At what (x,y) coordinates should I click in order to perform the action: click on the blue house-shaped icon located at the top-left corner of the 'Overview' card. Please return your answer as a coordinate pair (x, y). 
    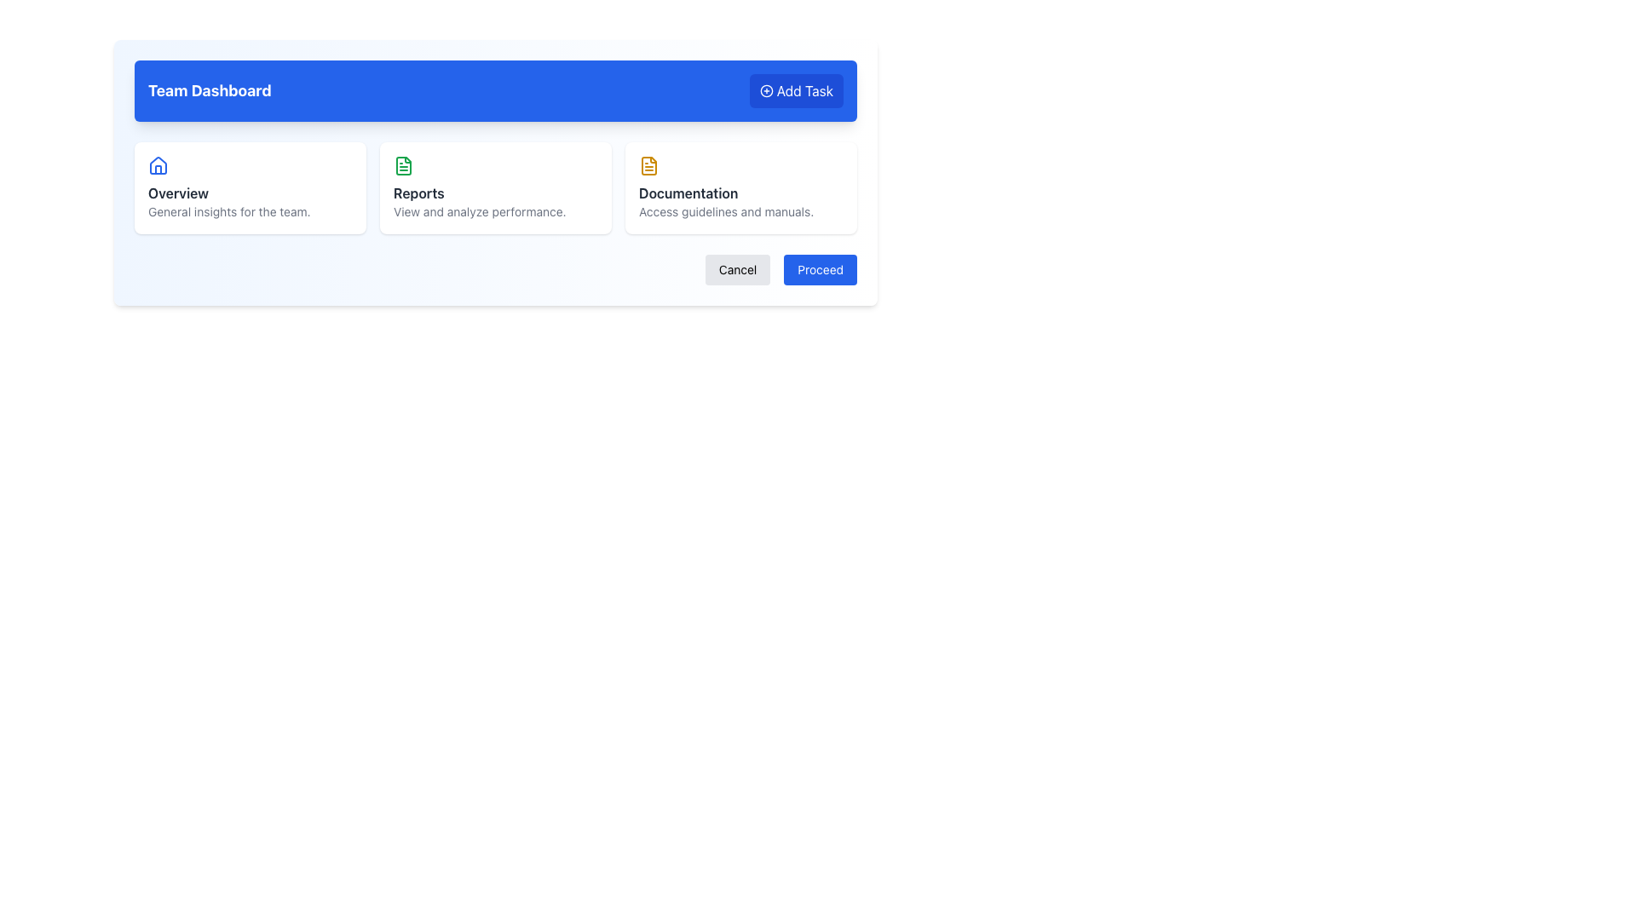
    Looking at the image, I should click on (158, 166).